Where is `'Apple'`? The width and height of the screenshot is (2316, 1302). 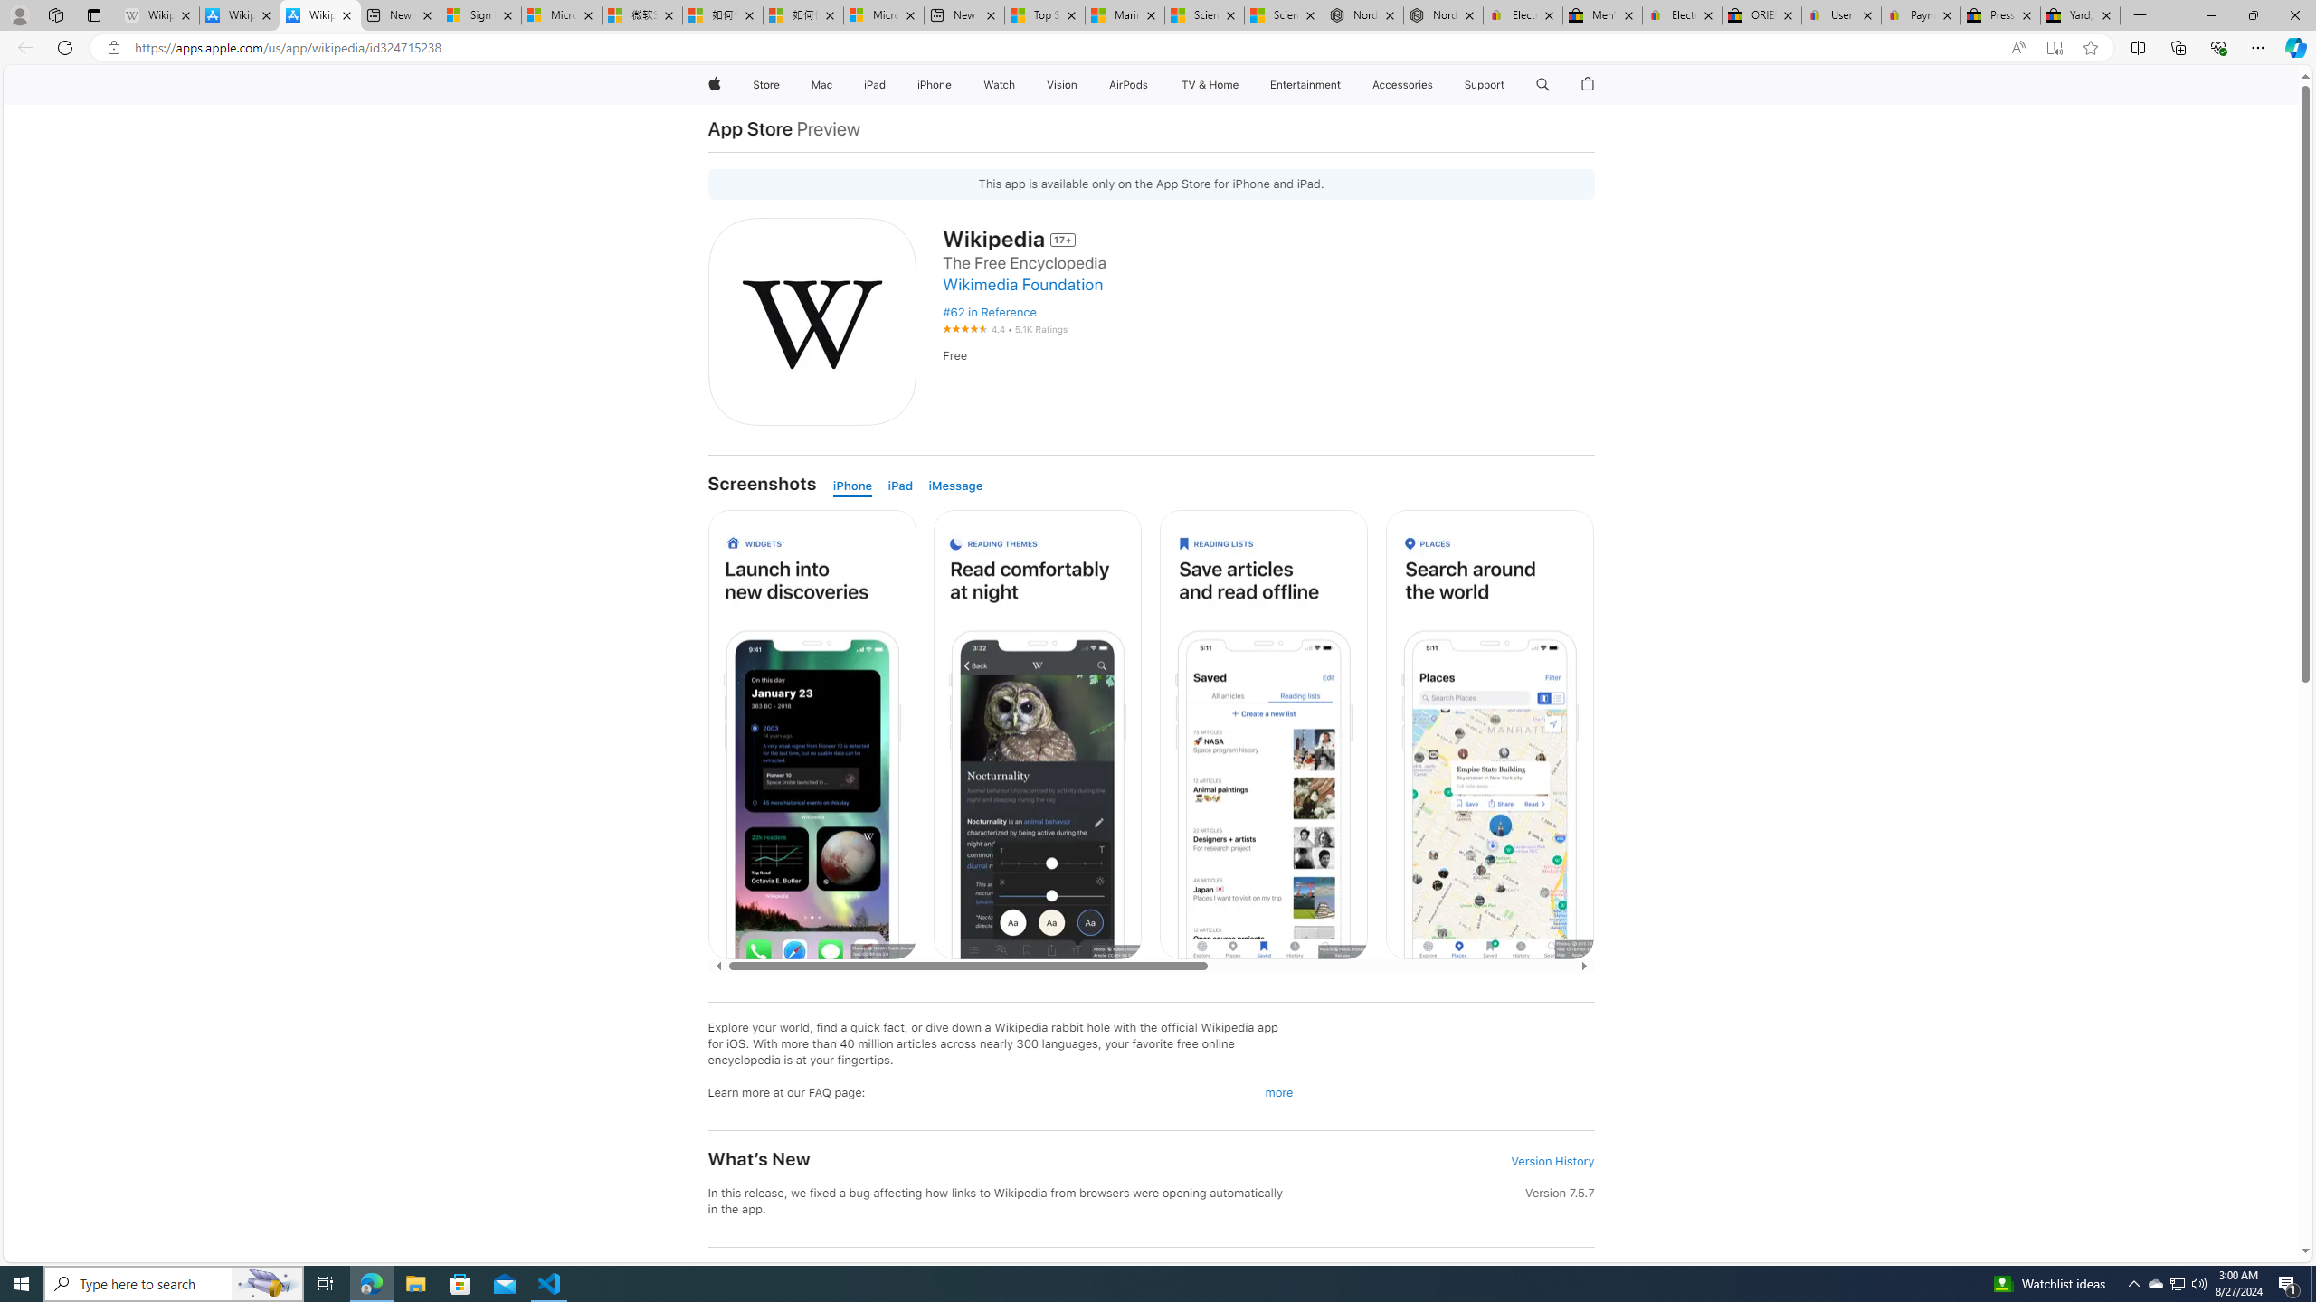
'Apple' is located at coordinates (712, 84).